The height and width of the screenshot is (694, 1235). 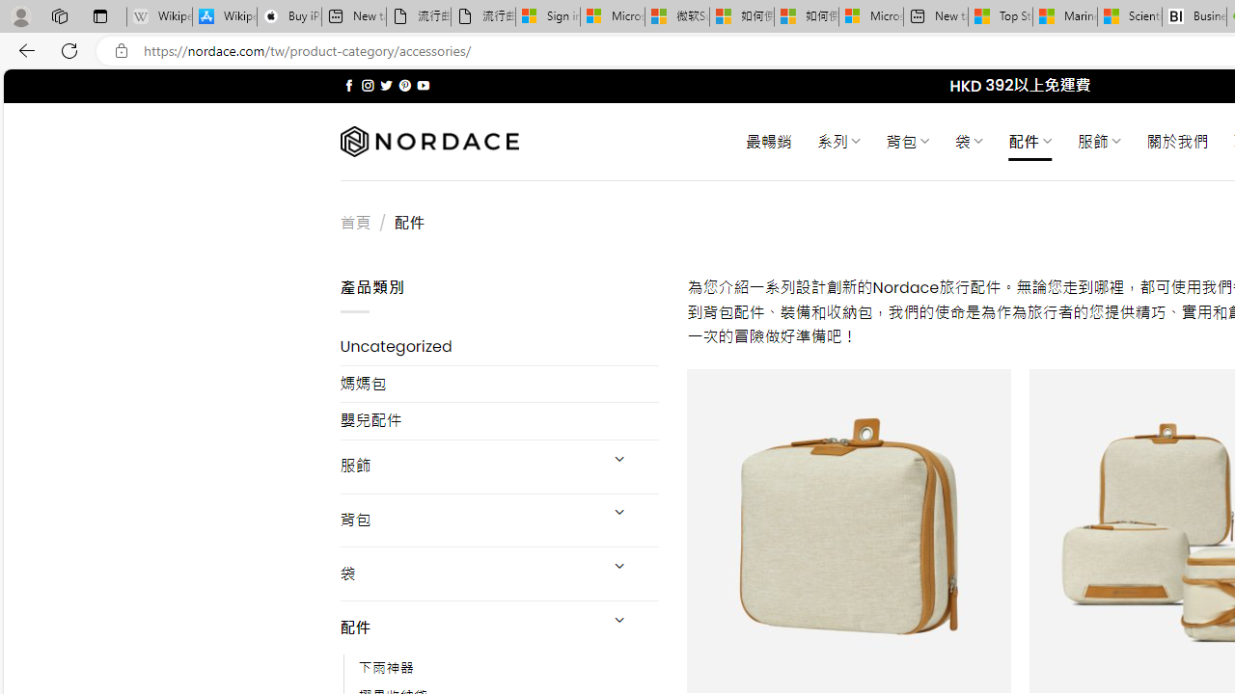 I want to click on 'Marine life - MSN', so click(x=1064, y=16).